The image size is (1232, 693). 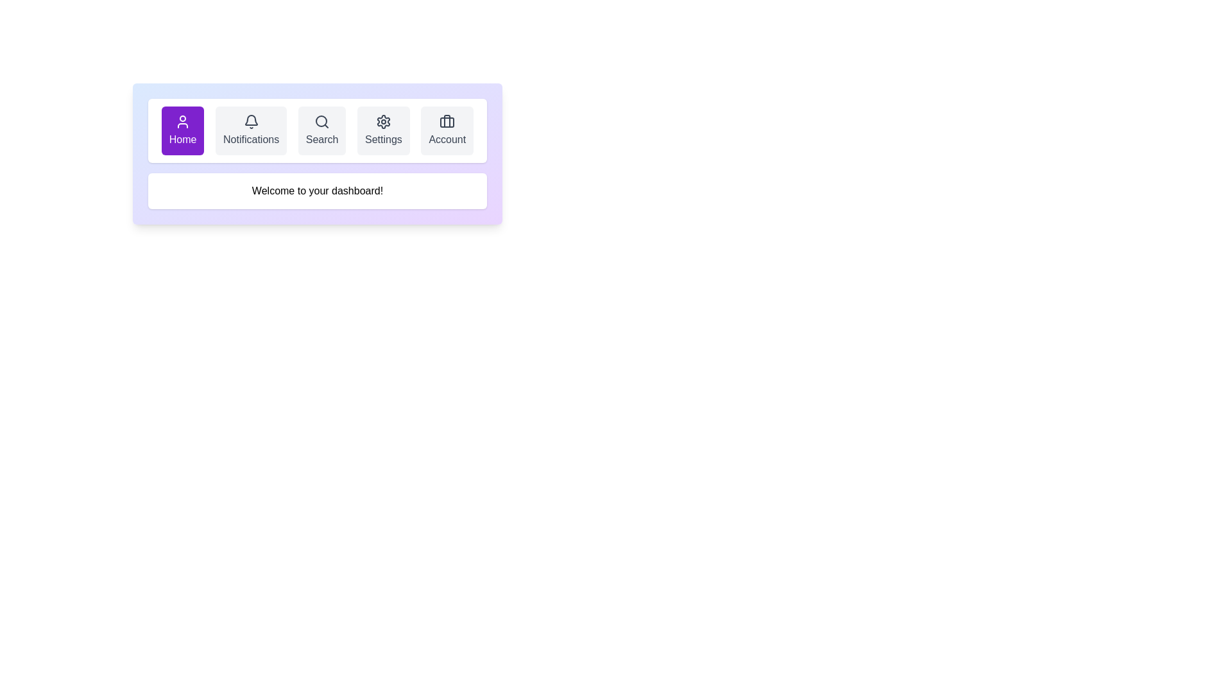 I want to click on the search button located between the 'Notifications' and 'Settings' buttons in the top navigation bar, so click(x=322, y=131).